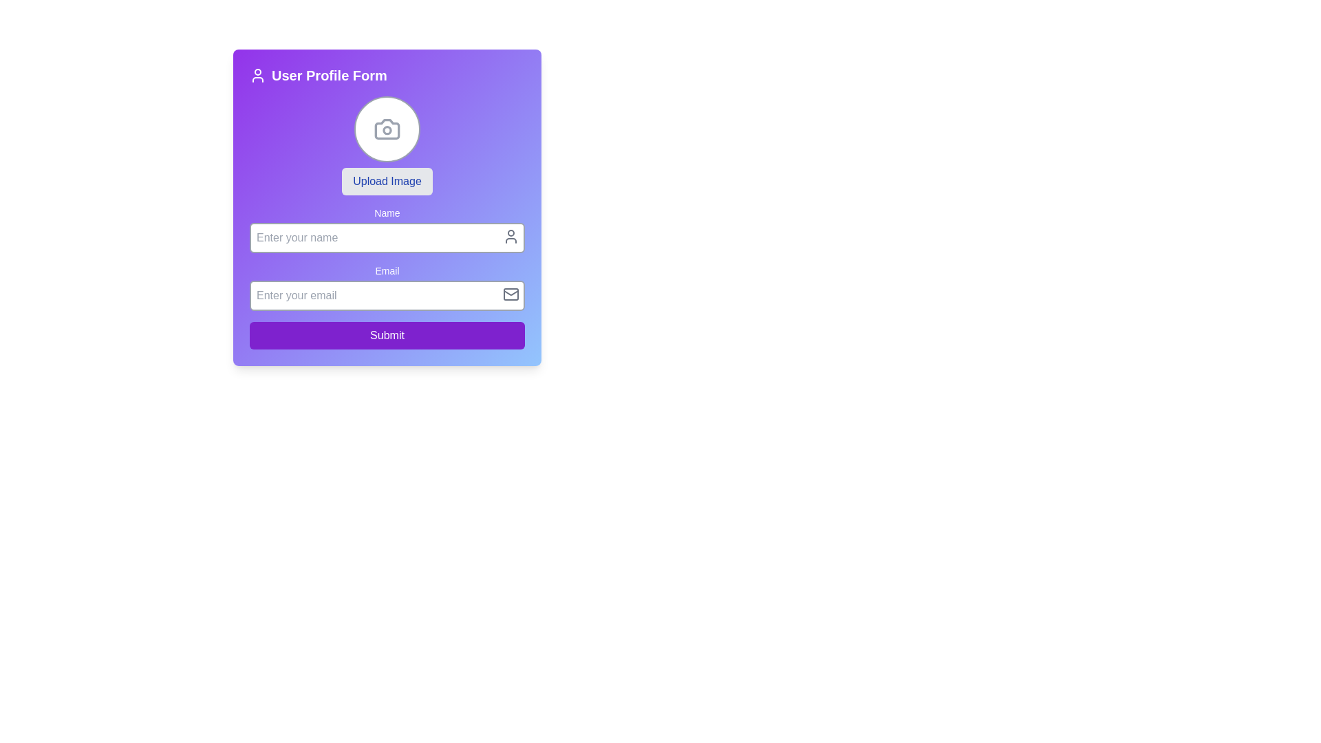 The width and height of the screenshot is (1321, 743). Describe the element at coordinates (257, 76) in the screenshot. I see `the small, minimalistic user icon located at the top-left of the 'User Profile Form' header section, which is rendered with stroke lines to depict a human figure outline` at that location.